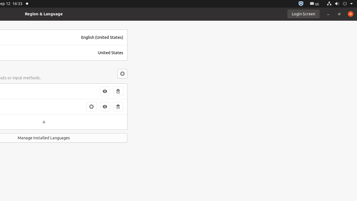 Image resolution: width=357 pixels, height=201 pixels. I want to click on 'Minimize', so click(328, 13).